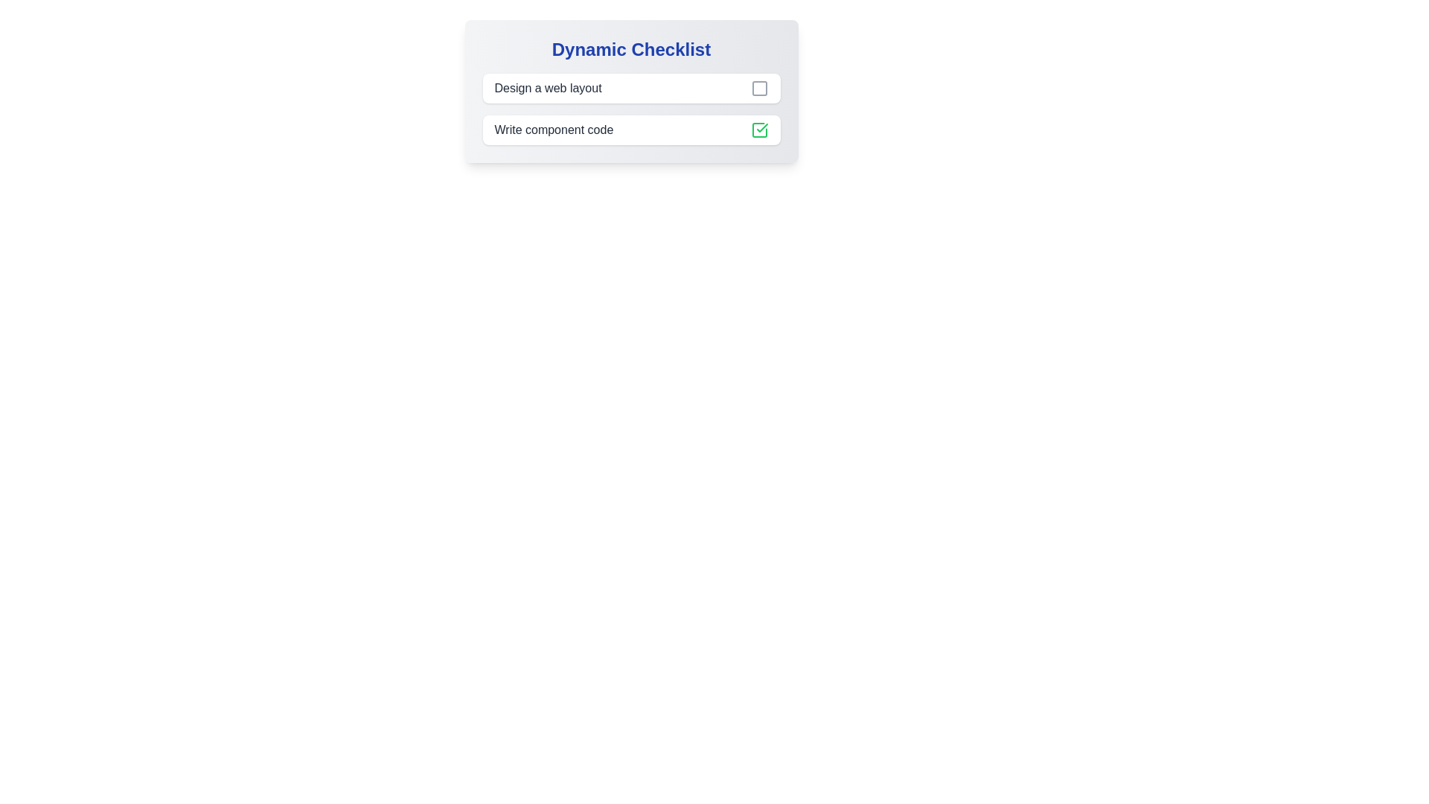  Describe the element at coordinates (631, 92) in the screenshot. I see `item names from the Checklist Component titled 'Dynamic Checklist', which contains labeled items such as 'Design a web layout' and 'Write component code'` at that location.